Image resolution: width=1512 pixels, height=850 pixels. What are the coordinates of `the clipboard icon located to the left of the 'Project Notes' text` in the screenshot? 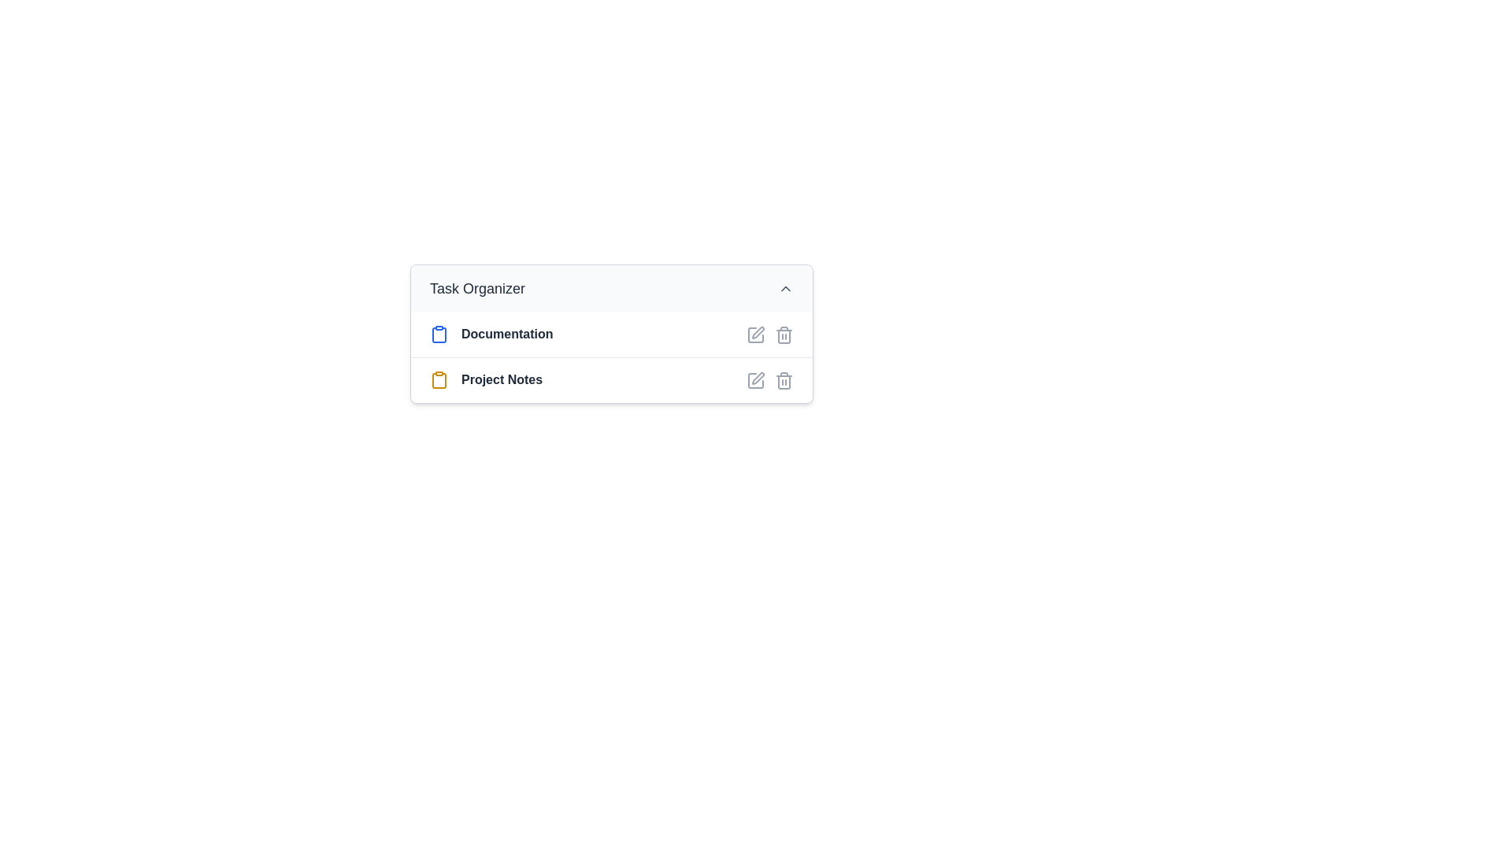 It's located at (439, 379).